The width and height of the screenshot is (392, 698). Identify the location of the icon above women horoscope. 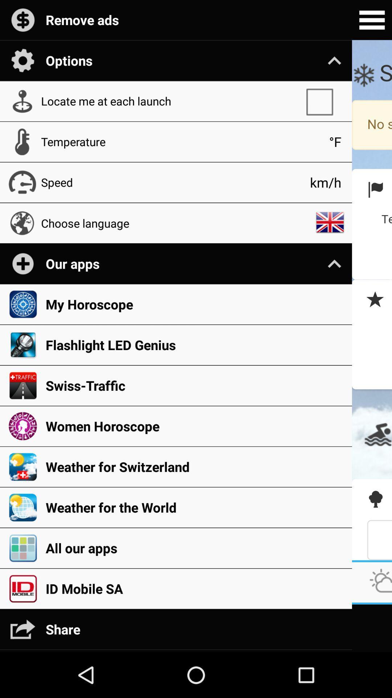
(195, 385).